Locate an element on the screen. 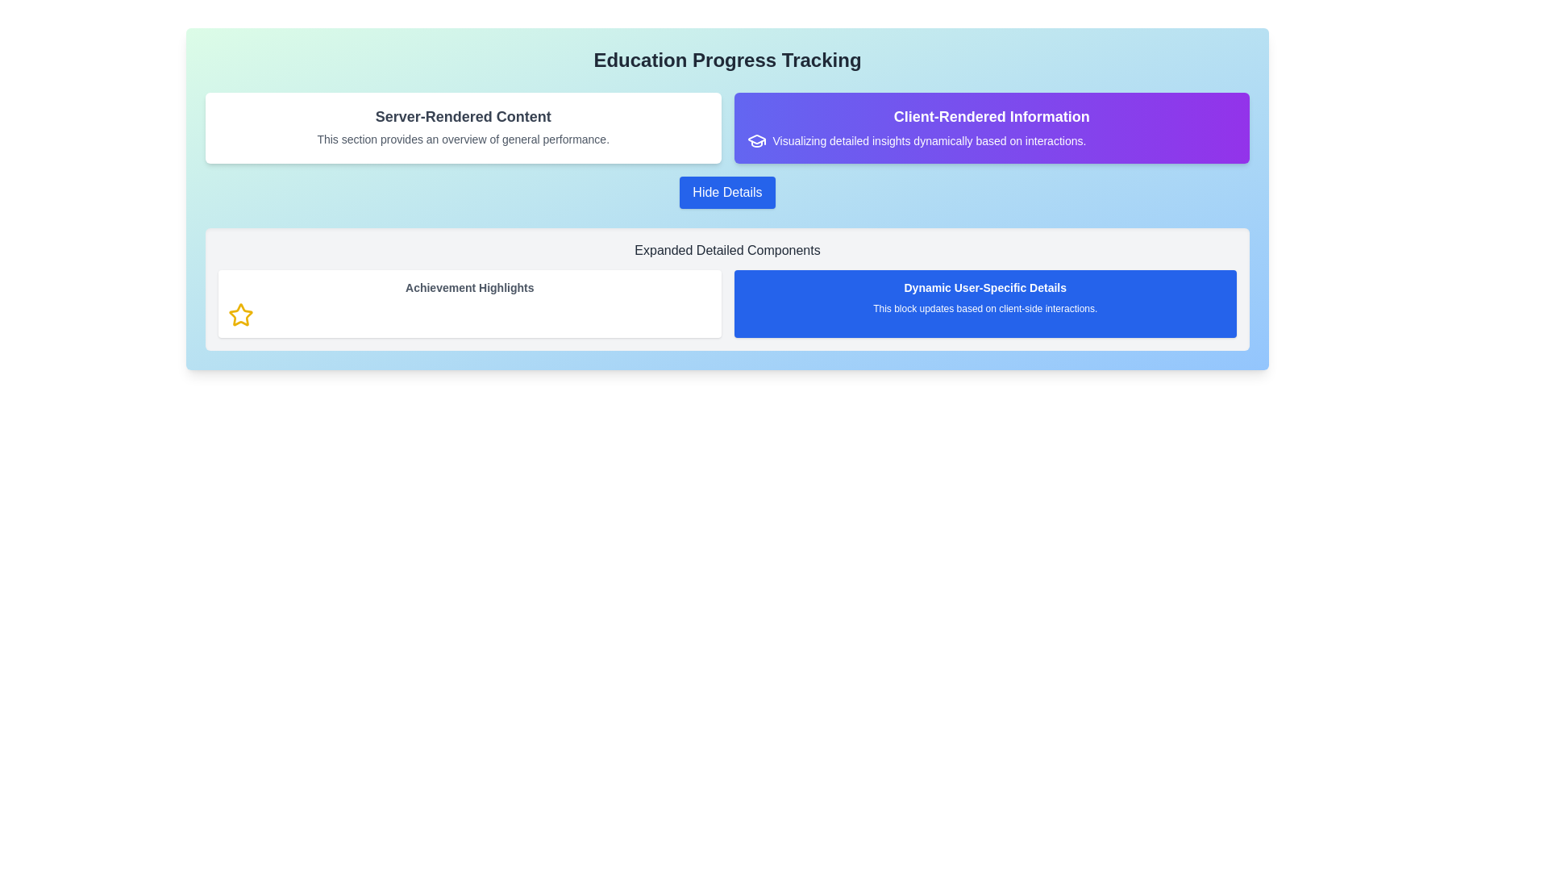  the Informational Panel with the heading 'Client-Rendered Information' is located at coordinates (991, 127).